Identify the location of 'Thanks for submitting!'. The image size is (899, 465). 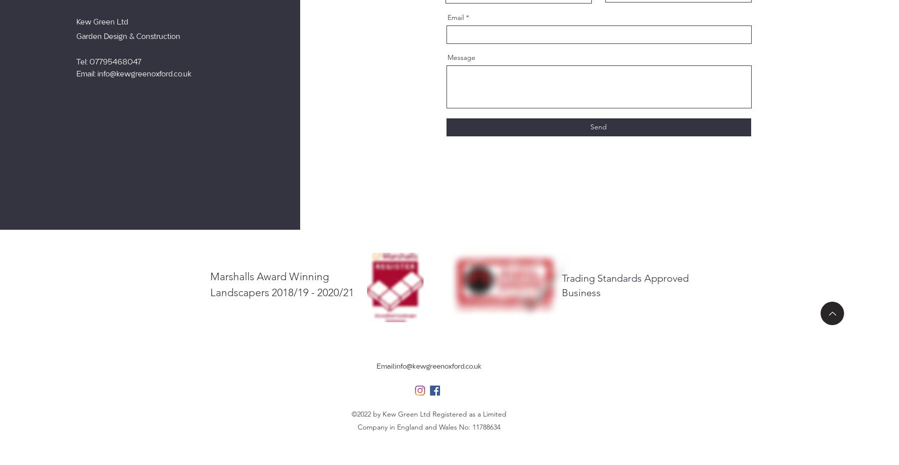
(595, 149).